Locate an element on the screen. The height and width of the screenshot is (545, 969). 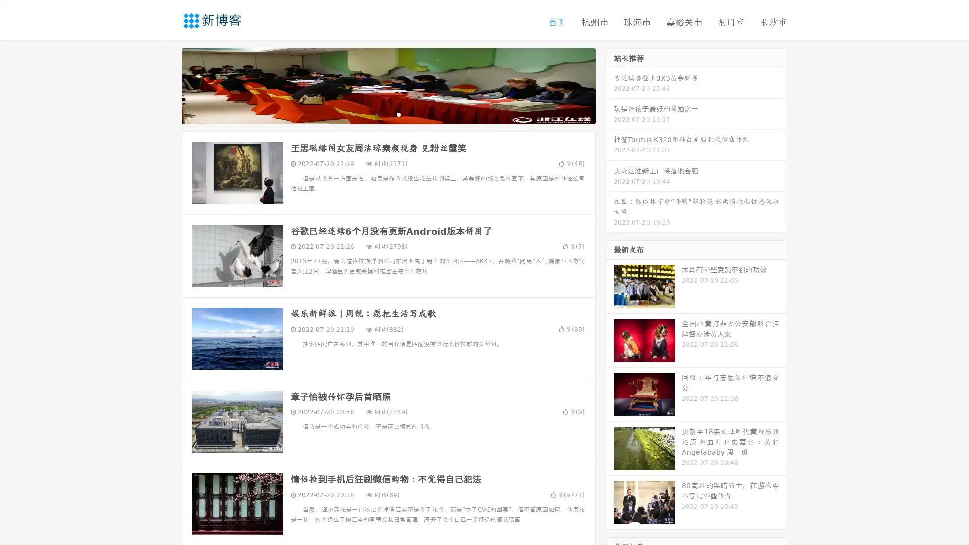
Go to slide 1 is located at coordinates (378, 114).